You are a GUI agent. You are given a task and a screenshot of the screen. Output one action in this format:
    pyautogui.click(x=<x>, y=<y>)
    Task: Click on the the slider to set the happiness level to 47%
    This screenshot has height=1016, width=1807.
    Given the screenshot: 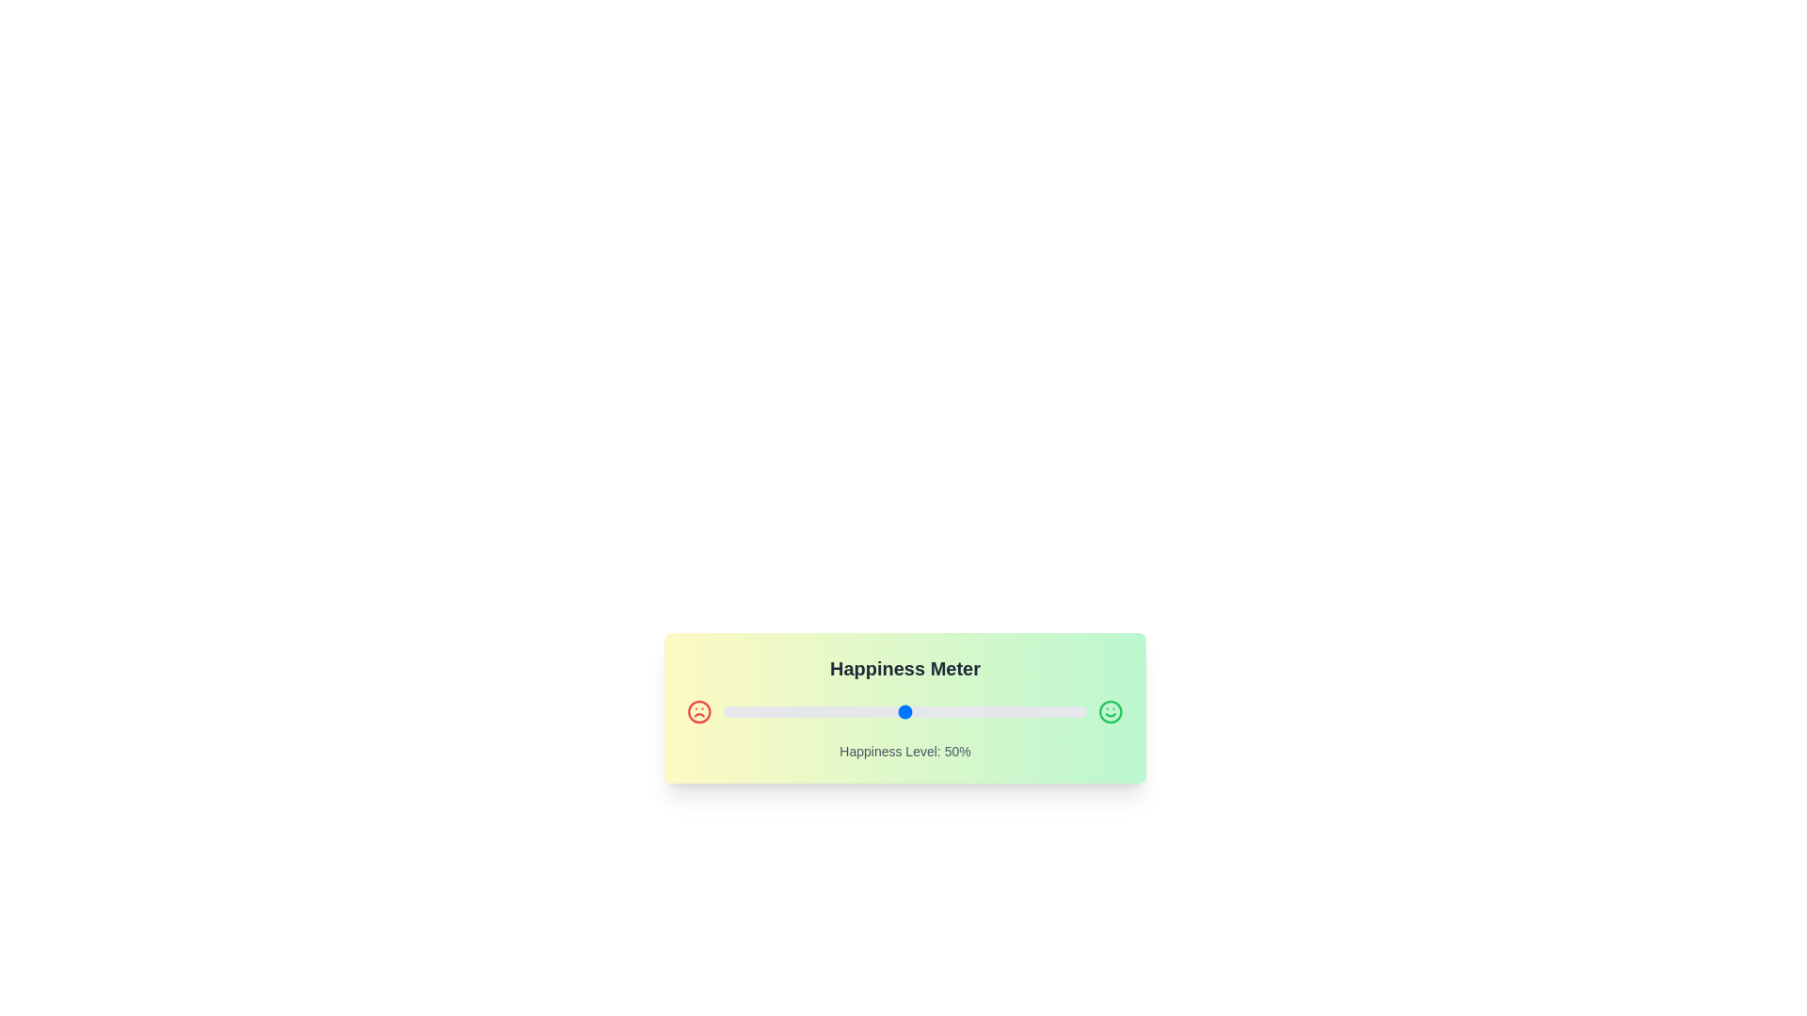 What is the action you would take?
    pyautogui.click(x=893, y=711)
    